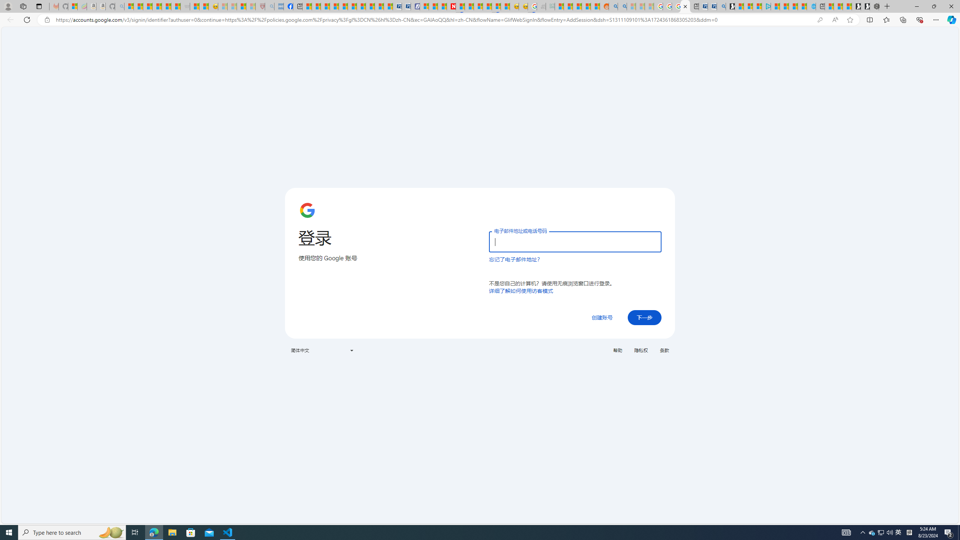  I want to click on 'Class: VfPpkd-t08AT-Bz112c-Bd00G', so click(351, 350).